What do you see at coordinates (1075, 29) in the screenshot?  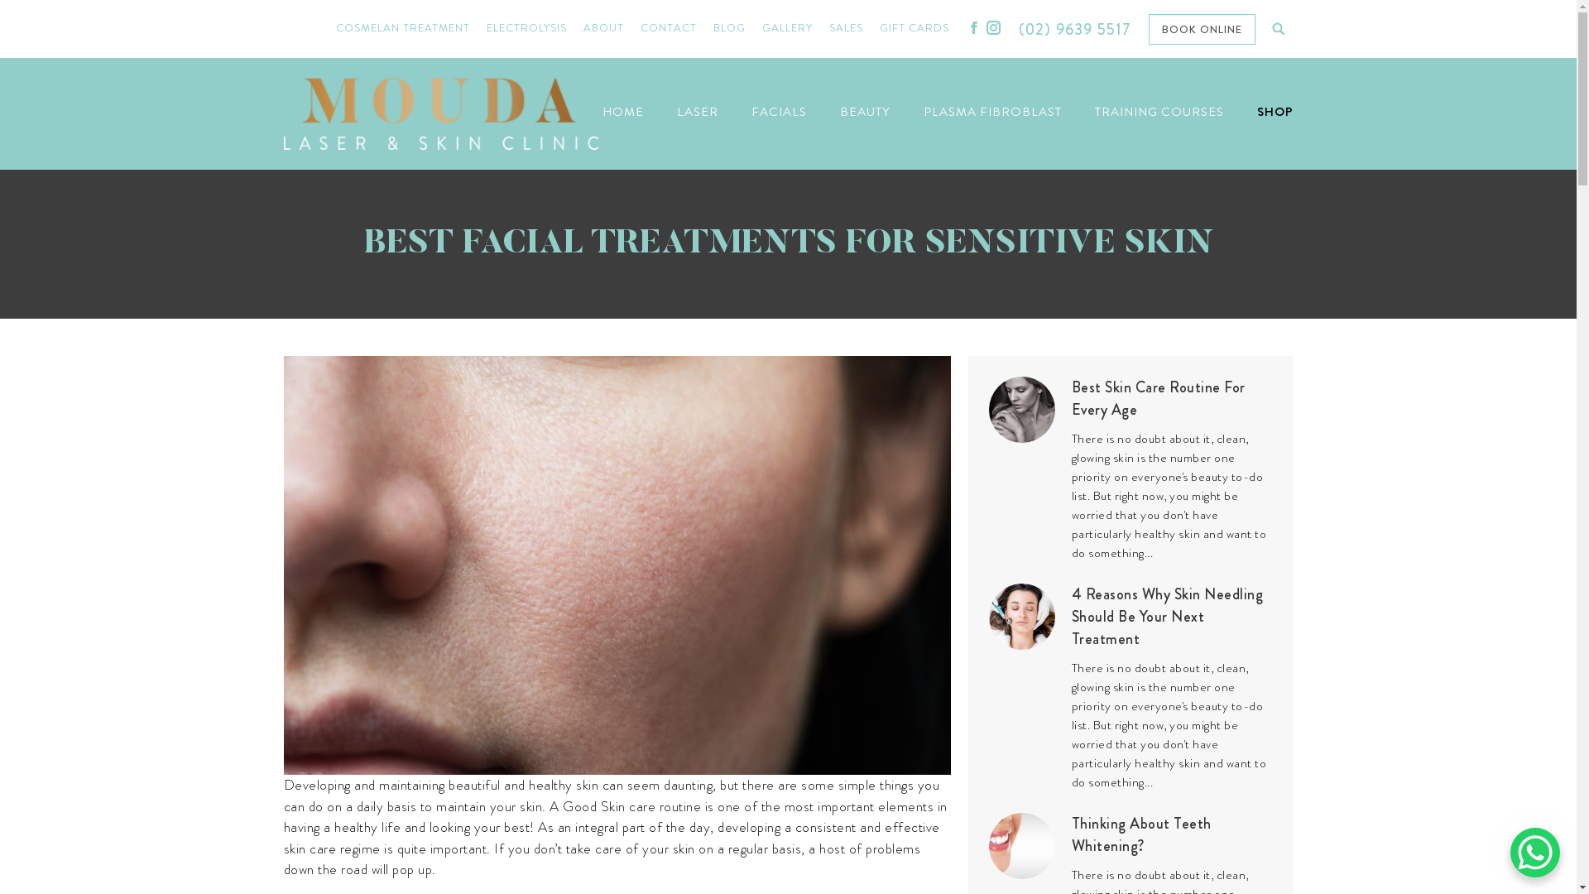 I see `'(02) 9639 5517'` at bounding box center [1075, 29].